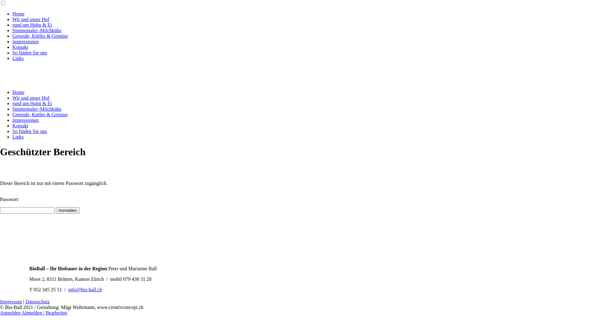 The image size is (593, 334). I want to click on 'Abmelden', so click(32, 313).